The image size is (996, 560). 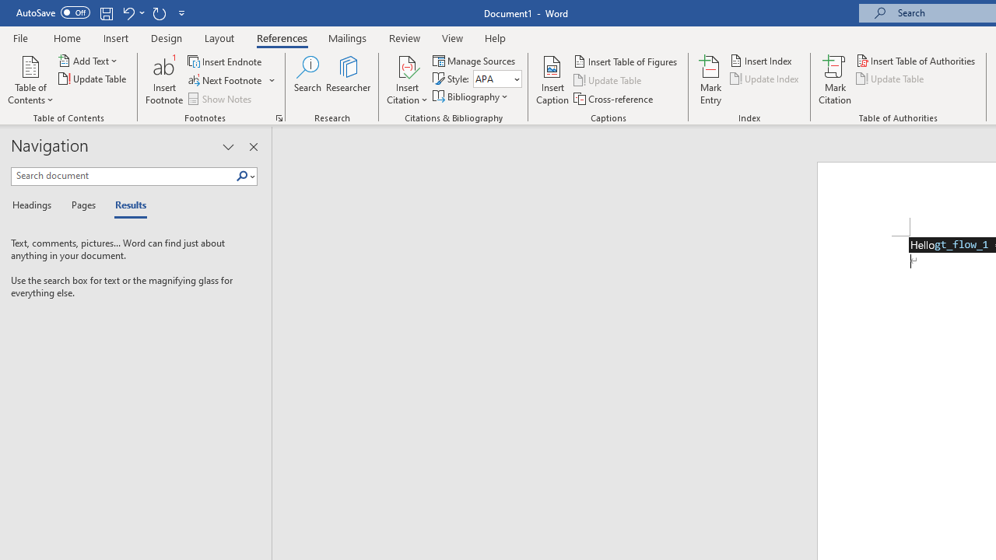 I want to click on 'Task Pane Options', so click(x=227, y=147).